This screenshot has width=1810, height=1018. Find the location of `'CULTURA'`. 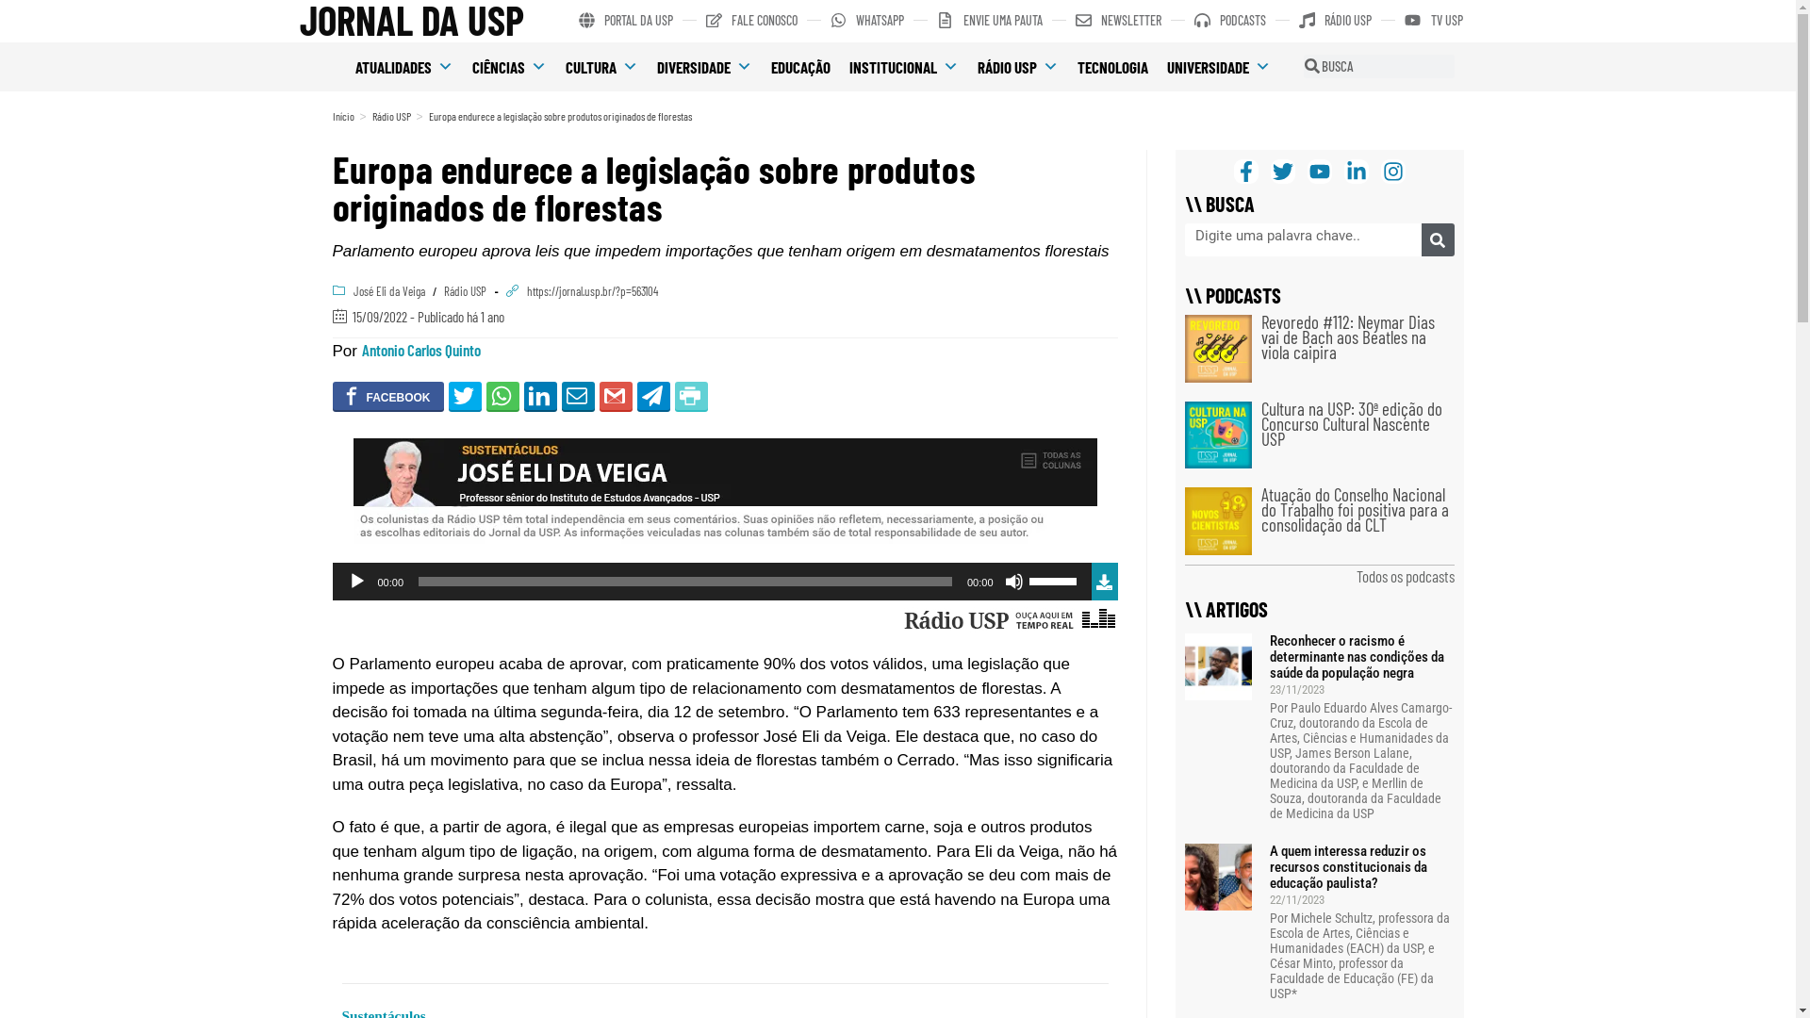

'CULTURA' is located at coordinates (601, 65).